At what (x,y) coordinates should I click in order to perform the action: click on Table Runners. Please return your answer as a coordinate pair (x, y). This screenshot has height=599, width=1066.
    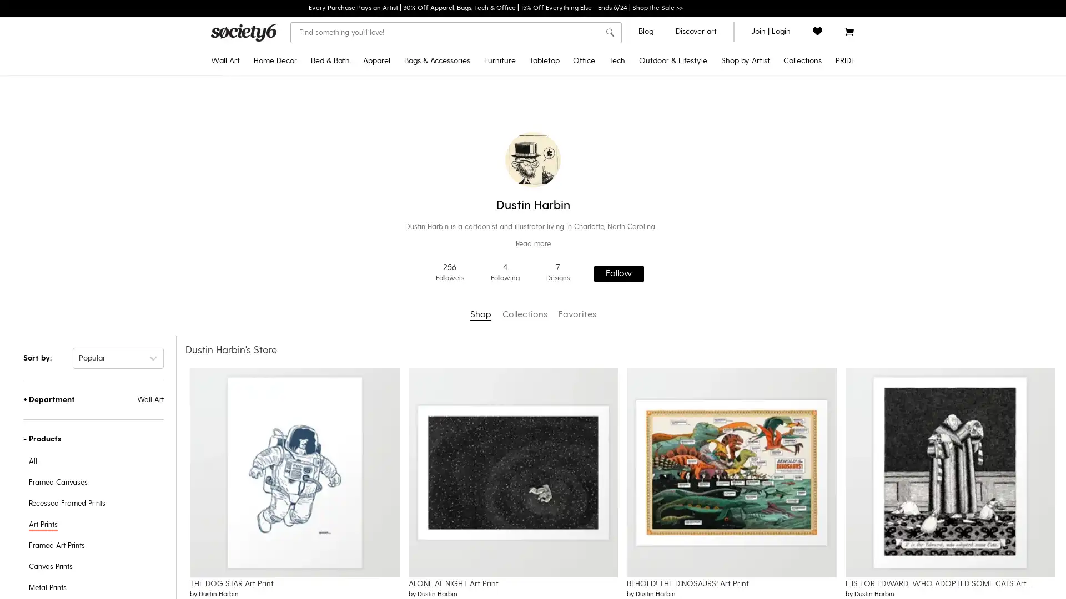
    Looking at the image, I should click on (565, 142).